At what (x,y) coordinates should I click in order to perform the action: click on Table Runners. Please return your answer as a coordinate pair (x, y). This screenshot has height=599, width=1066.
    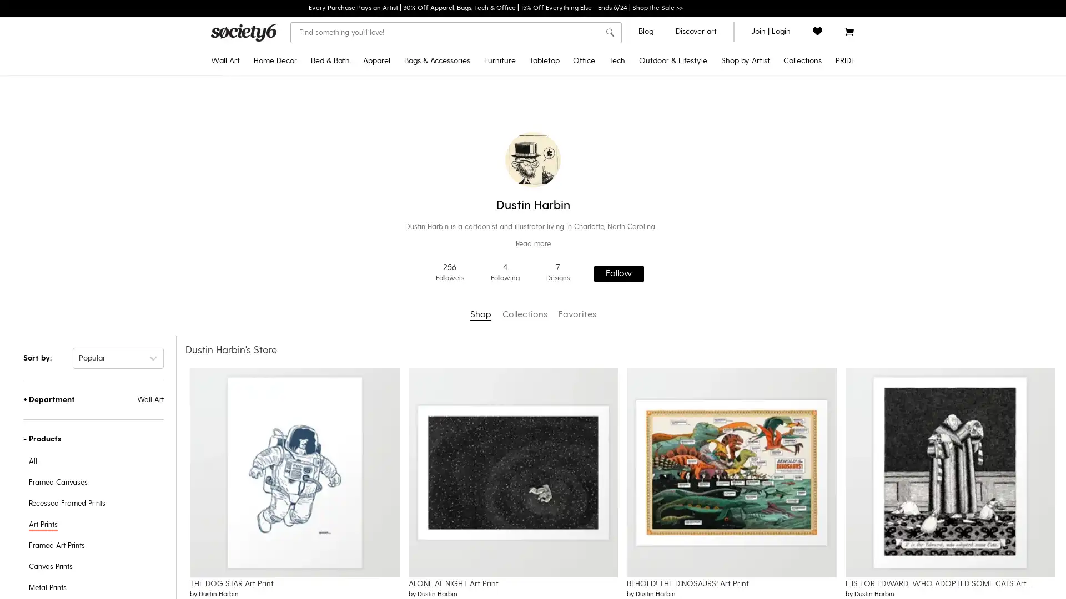
    Looking at the image, I should click on (565, 142).